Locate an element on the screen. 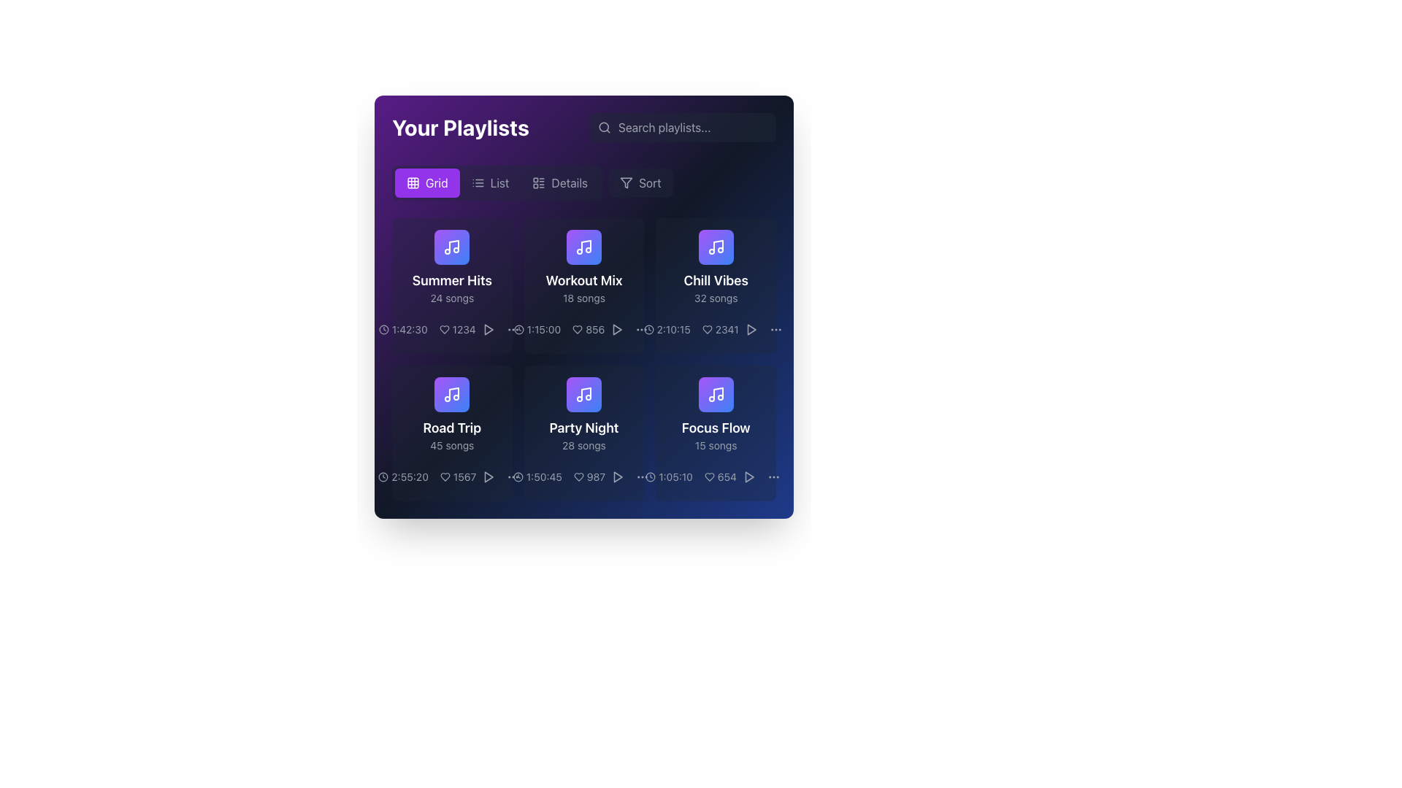 The height and width of the screenshot is (788, 1402). text of the 'Road Trip' label, which is a large, bold, white text against a dark background, located in the 'Your Playlists' section of the application is located at coordinates (451, 427).